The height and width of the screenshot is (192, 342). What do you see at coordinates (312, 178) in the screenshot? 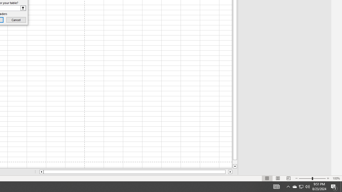
I see `'Zoom'` at bounding box center [312, 178].